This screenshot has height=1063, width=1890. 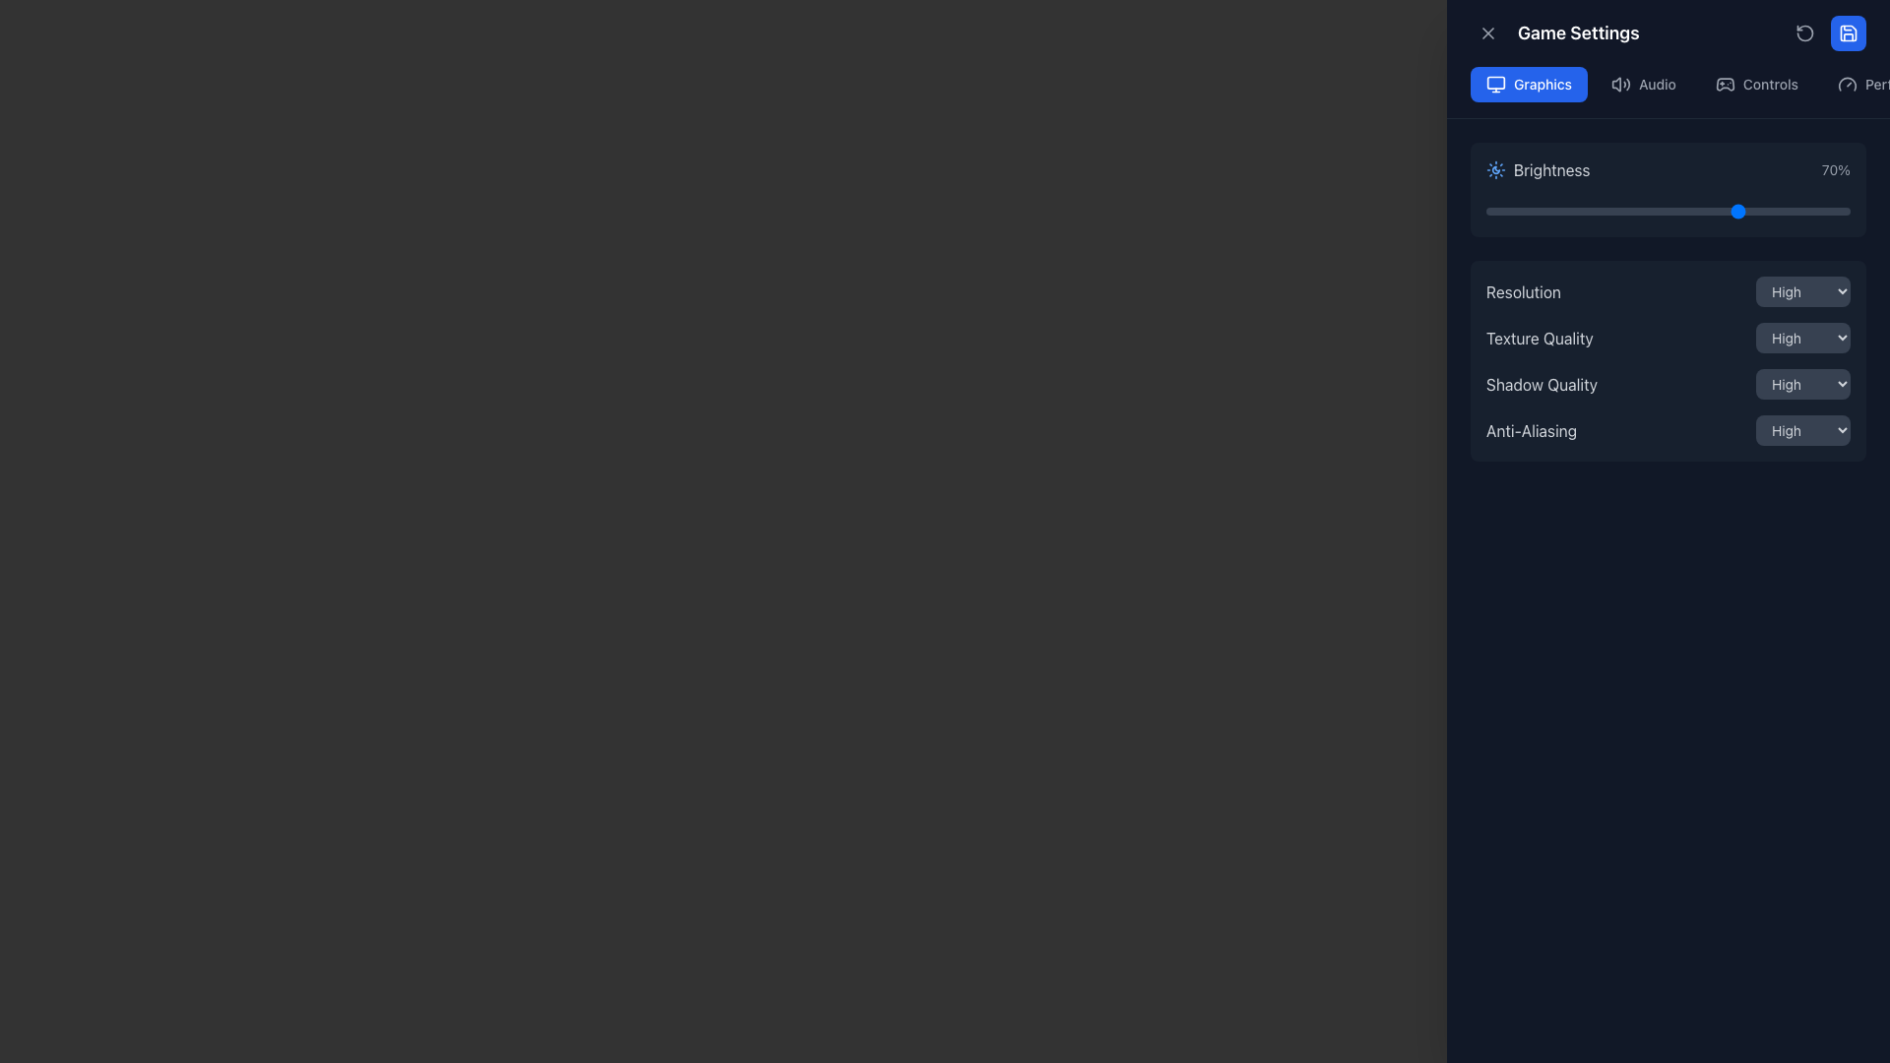 What do you see at coordinates (1667, 337) in the screenshot?
I see `the dropdown menu for adjusting the texture quality setting in the Game Settings panel` at bounding box center [1667, 337].